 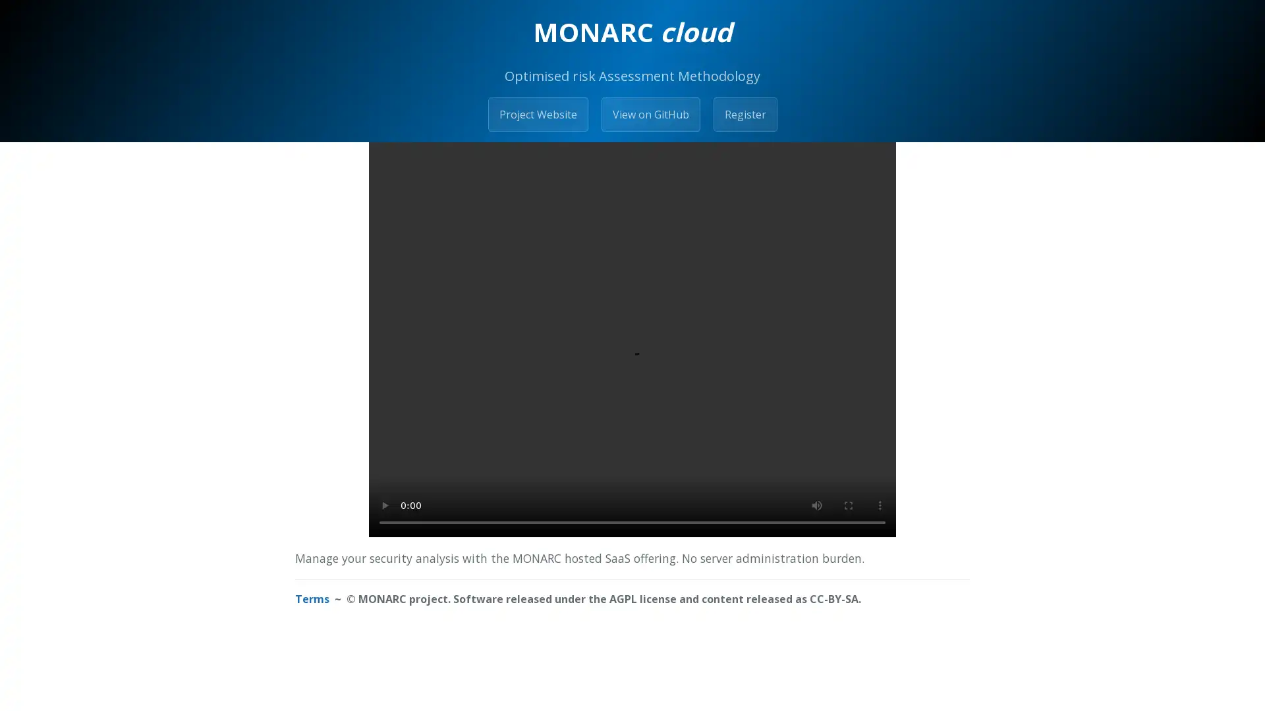 I want to click on show more media controls, so click(x=880, y=504).